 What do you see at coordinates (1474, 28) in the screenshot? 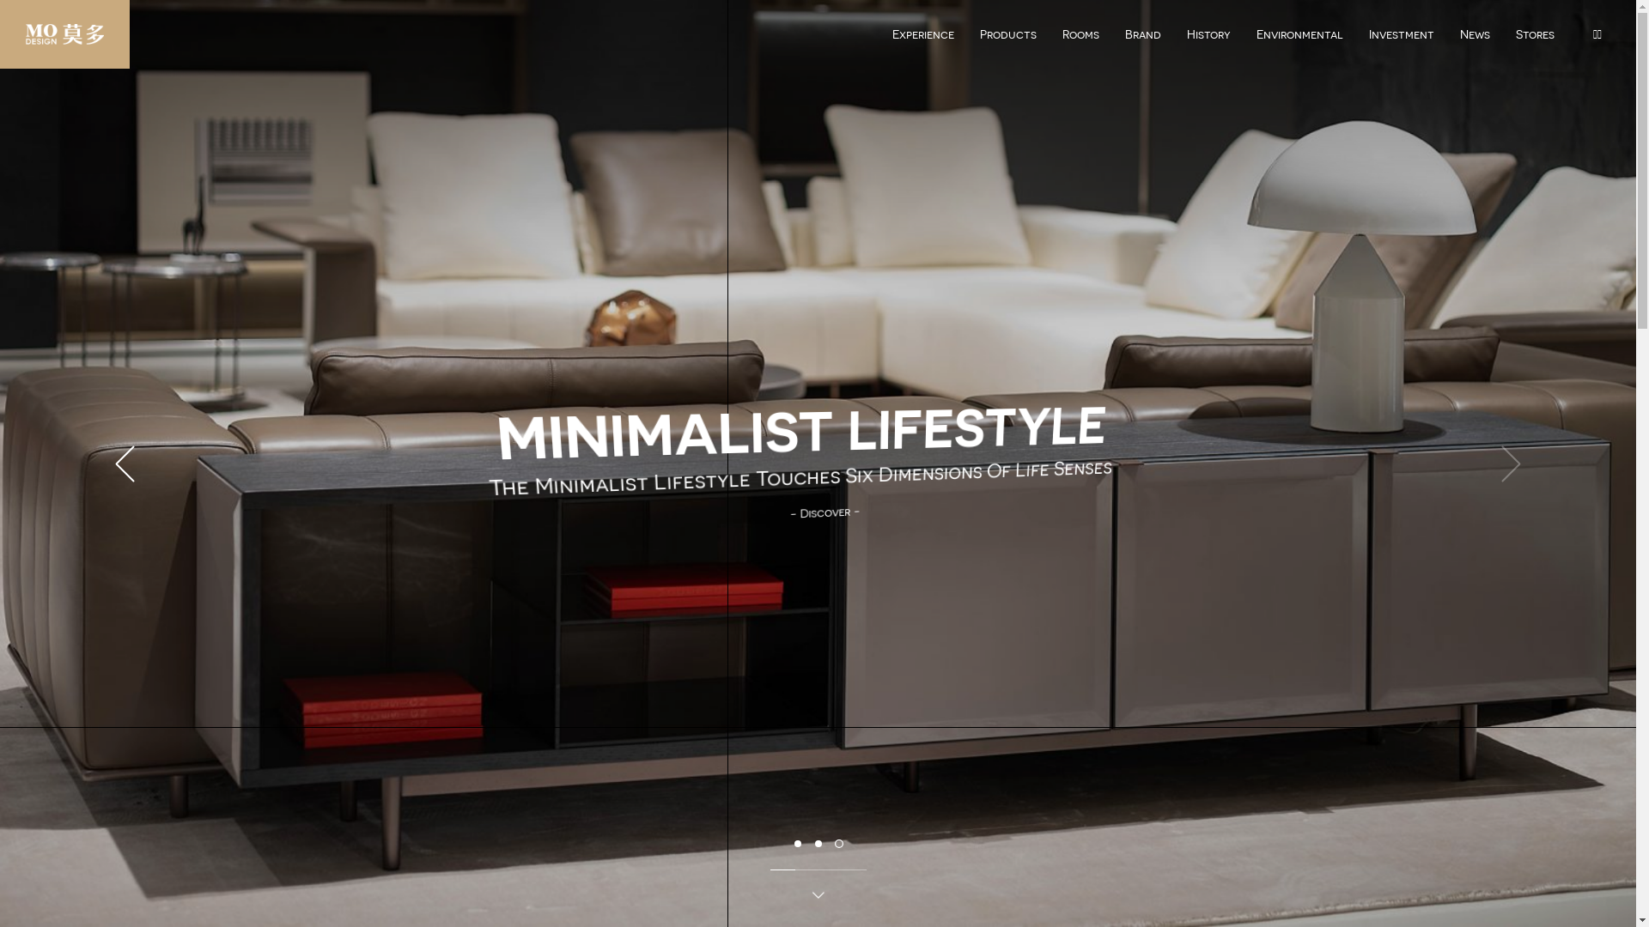
I see `'News'` at bounding box center [1474, 28].